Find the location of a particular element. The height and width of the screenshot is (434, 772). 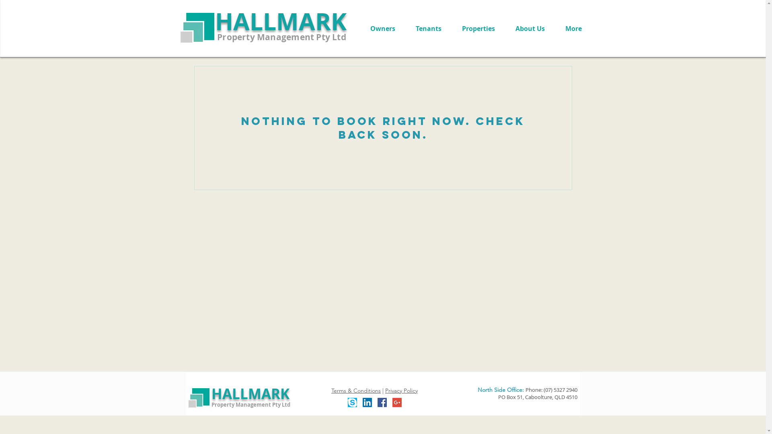

'Tenants' is located at coordinates (428, 28).